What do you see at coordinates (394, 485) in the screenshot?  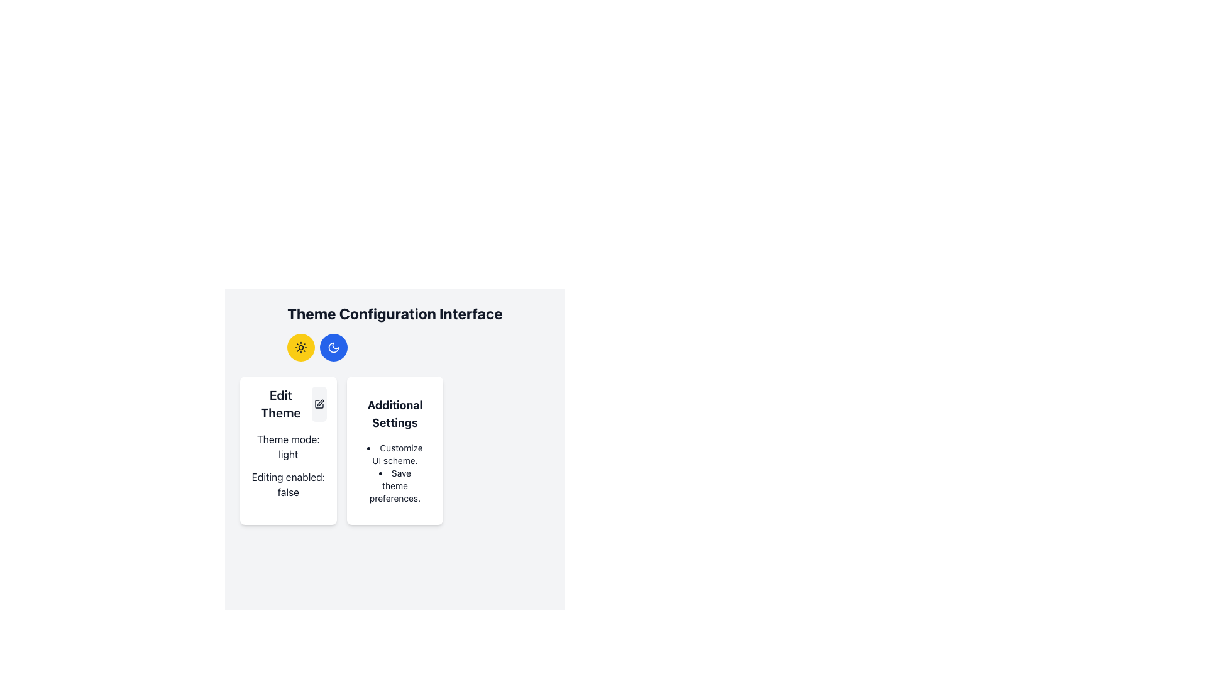 I see `the static text element reading 'Save theme preferences' which is the second item in the bulleted list under the 'Additional Settings' section` at bounding box center [394, 485].